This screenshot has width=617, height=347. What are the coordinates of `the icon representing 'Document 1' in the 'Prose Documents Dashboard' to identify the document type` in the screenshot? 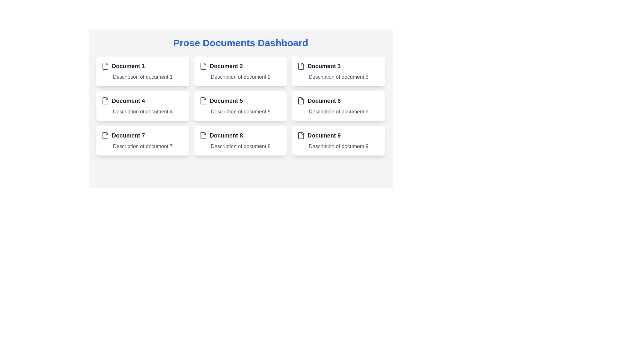 It's located at (105, 66).